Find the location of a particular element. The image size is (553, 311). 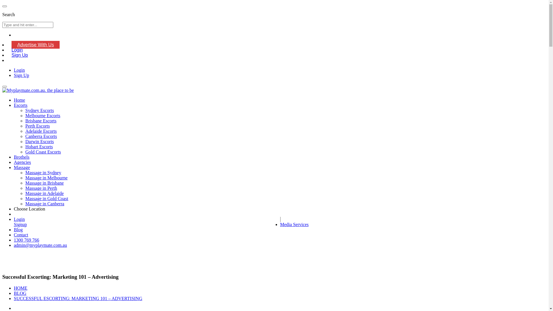

'Canberra Escorts' is located at coordinates (41, 136).